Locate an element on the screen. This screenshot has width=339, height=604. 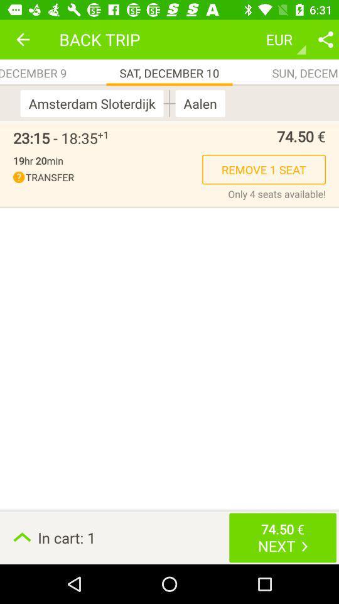
the icon next to the remove 1 seat icon is located at coordinates (107, 177).